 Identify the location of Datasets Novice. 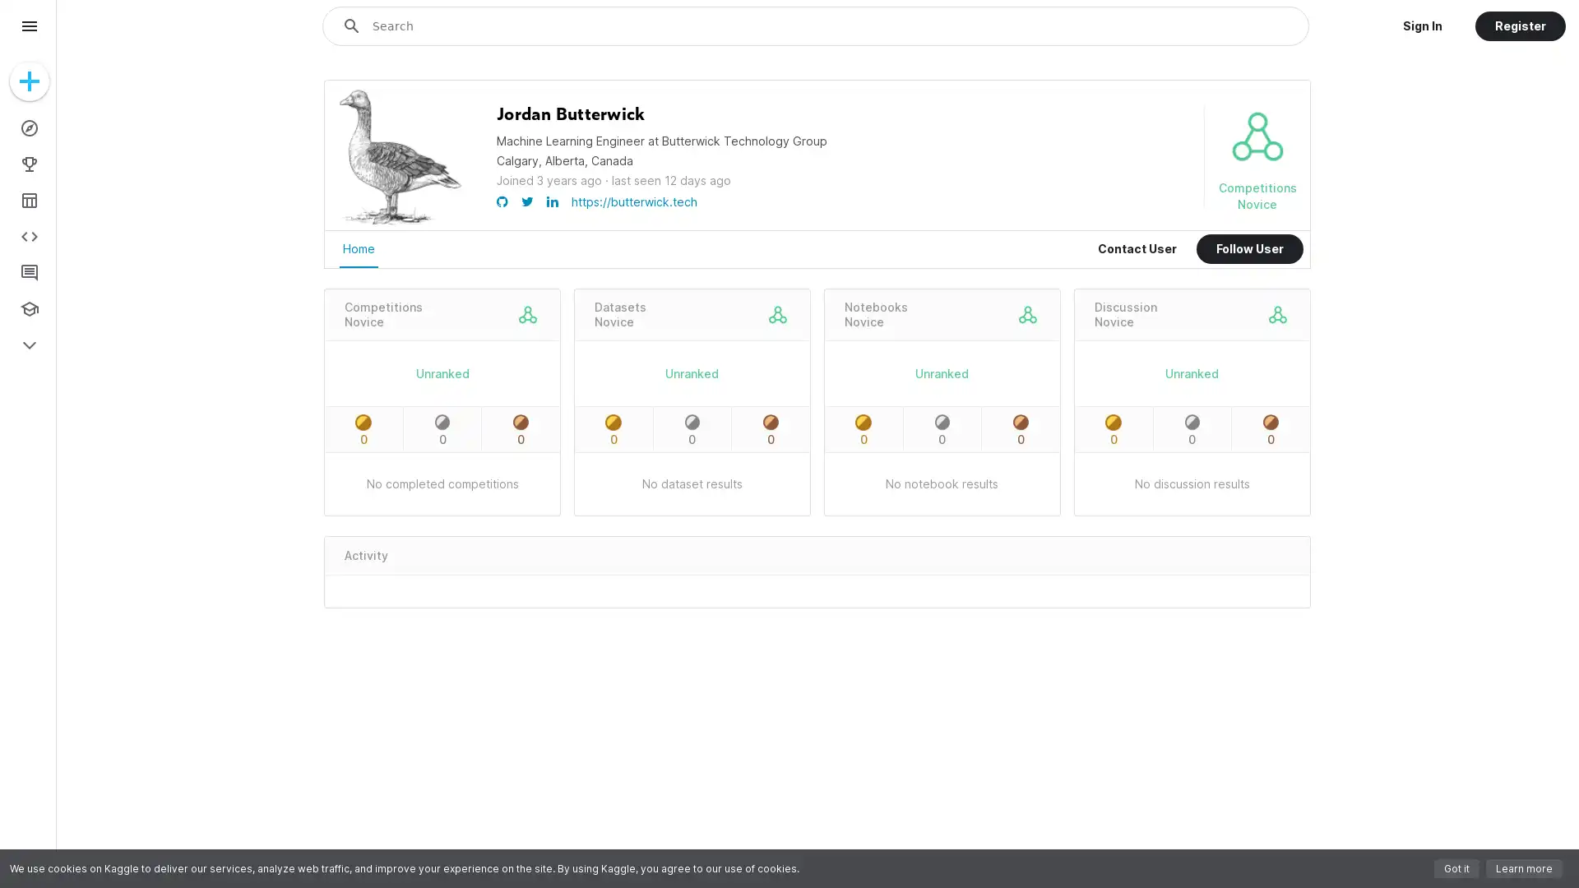
(618, 314).